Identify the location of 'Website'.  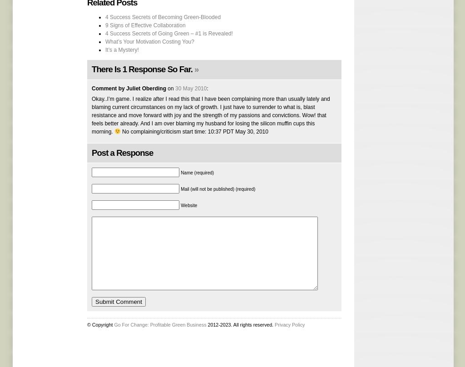
(188, 205).